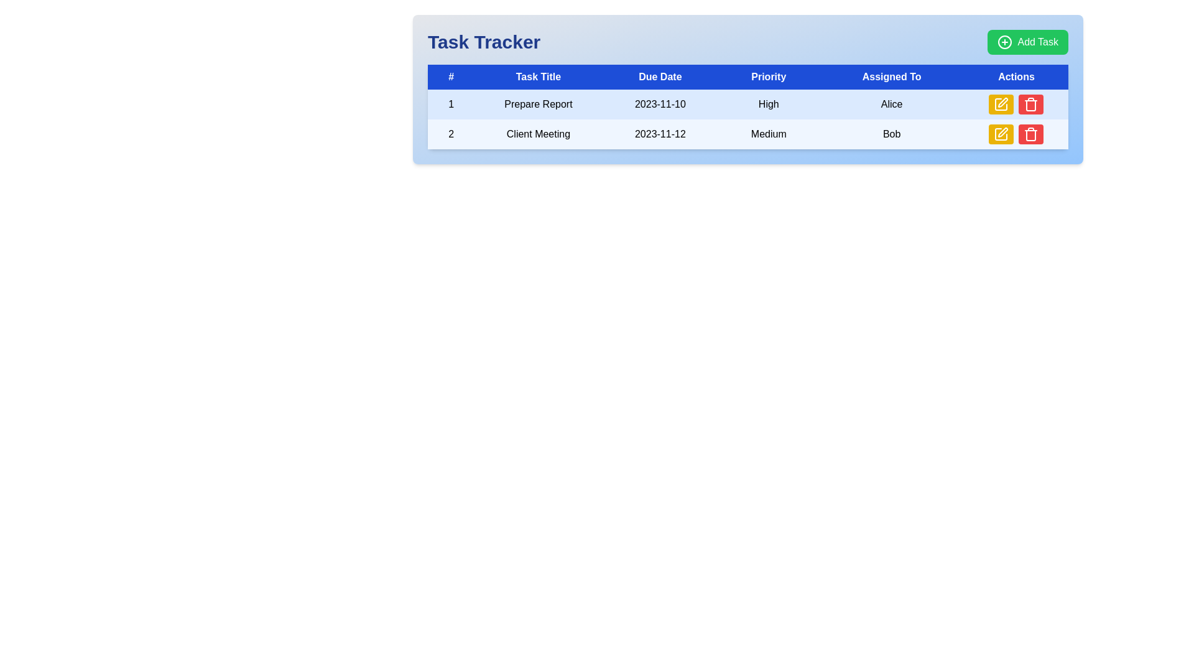 This screenshot has height=672, width=1194. Describe the element at coordinates (1031, 104) in the screenshot. I see `the delete button in the 'Actions' column of the second row` at that location.